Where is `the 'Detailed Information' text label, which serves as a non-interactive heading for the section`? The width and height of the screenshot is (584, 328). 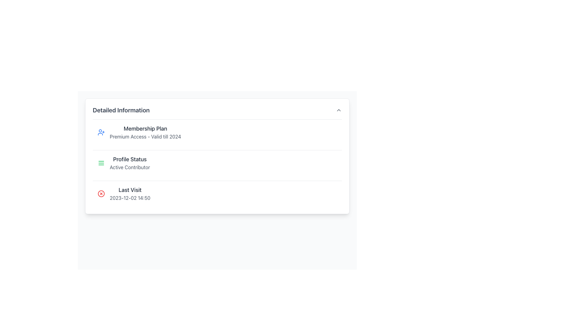
the 'Detailed Information' text label, which serves as a non-interactive heading for the section is located at coordinates (121, 110).